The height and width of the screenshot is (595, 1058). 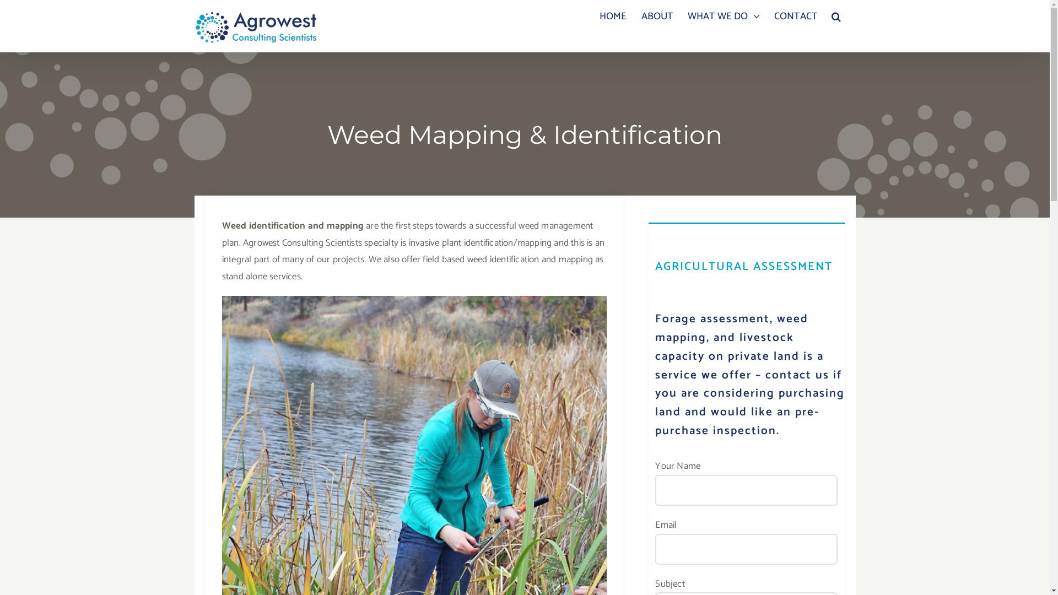 I want to click on 'WHAT WE DO', so click(x=724, y=17).